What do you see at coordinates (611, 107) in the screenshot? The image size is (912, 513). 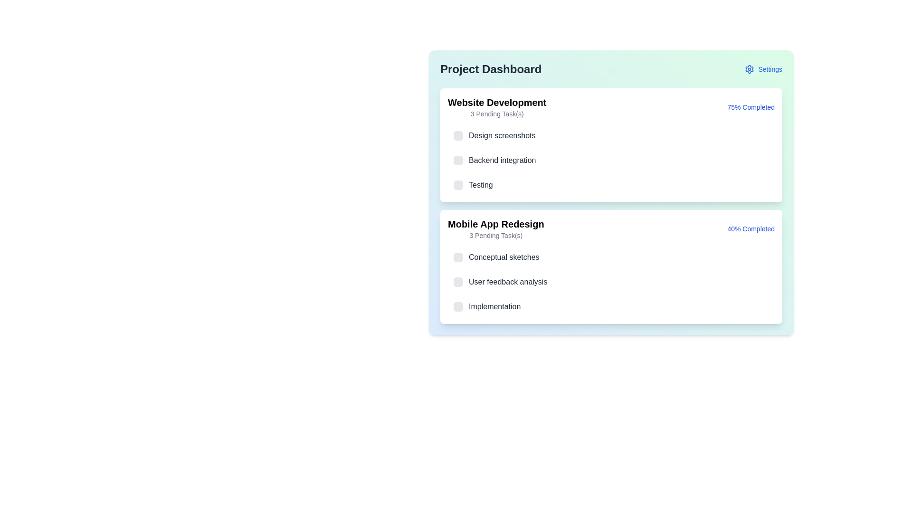 I see `the Informative status panel titled 'Website Development'` at bounding box center [611, 107].